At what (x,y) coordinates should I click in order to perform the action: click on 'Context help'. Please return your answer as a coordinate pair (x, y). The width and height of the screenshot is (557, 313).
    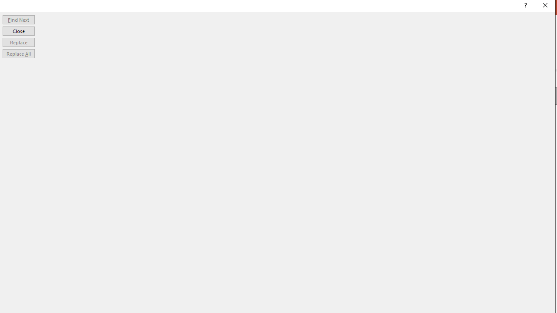
    Looking at the image, I should click on (524, 7).